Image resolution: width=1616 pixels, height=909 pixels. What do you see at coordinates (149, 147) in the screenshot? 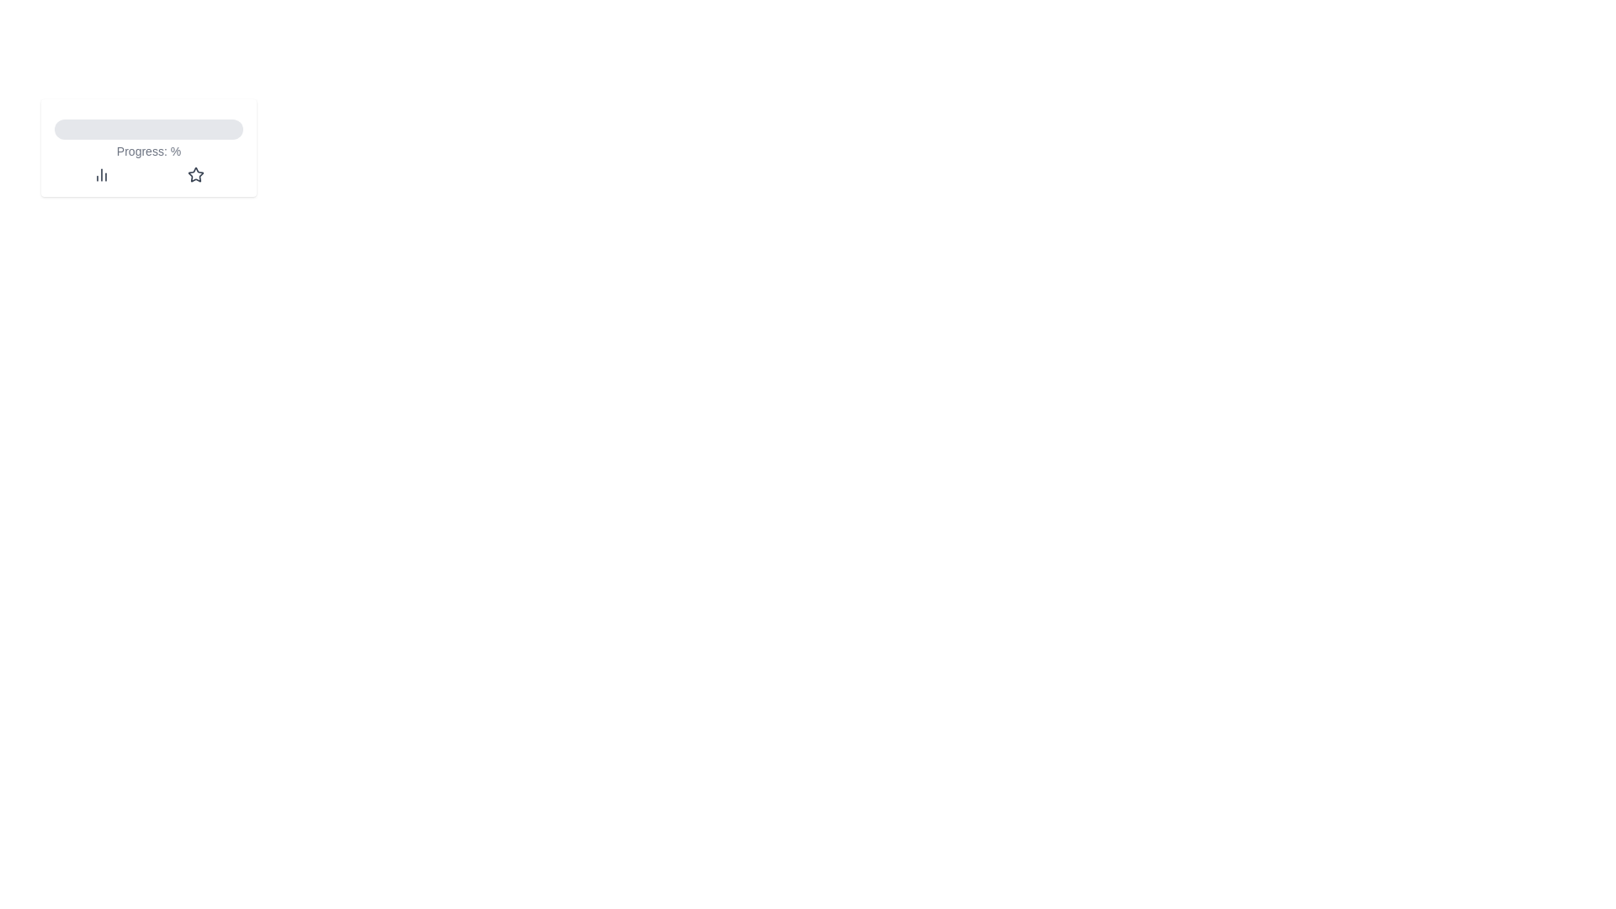
I see `the Progress Tracker element, which visually represents task progress with a bar and descriptive text, located near the top-left corner of the layout` at bounding box center [149, 147].